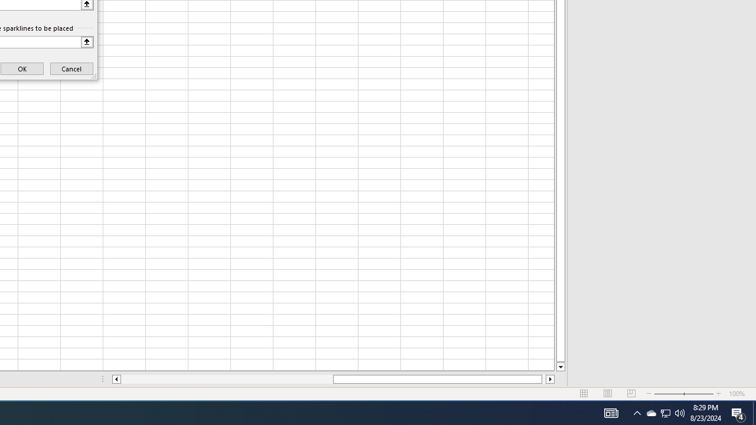 This screenshot has height=425, width=756. I want to click on 'Page left', so click(227, 379).